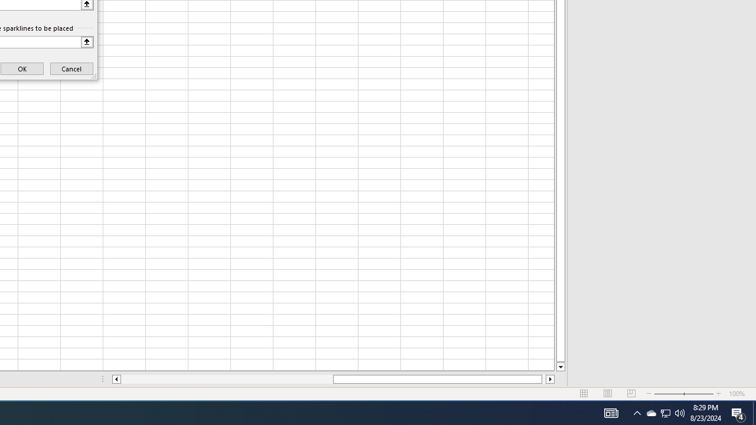 This screenshot has height=425, width=756. I want to click on 'Page left', so click(227, 379).